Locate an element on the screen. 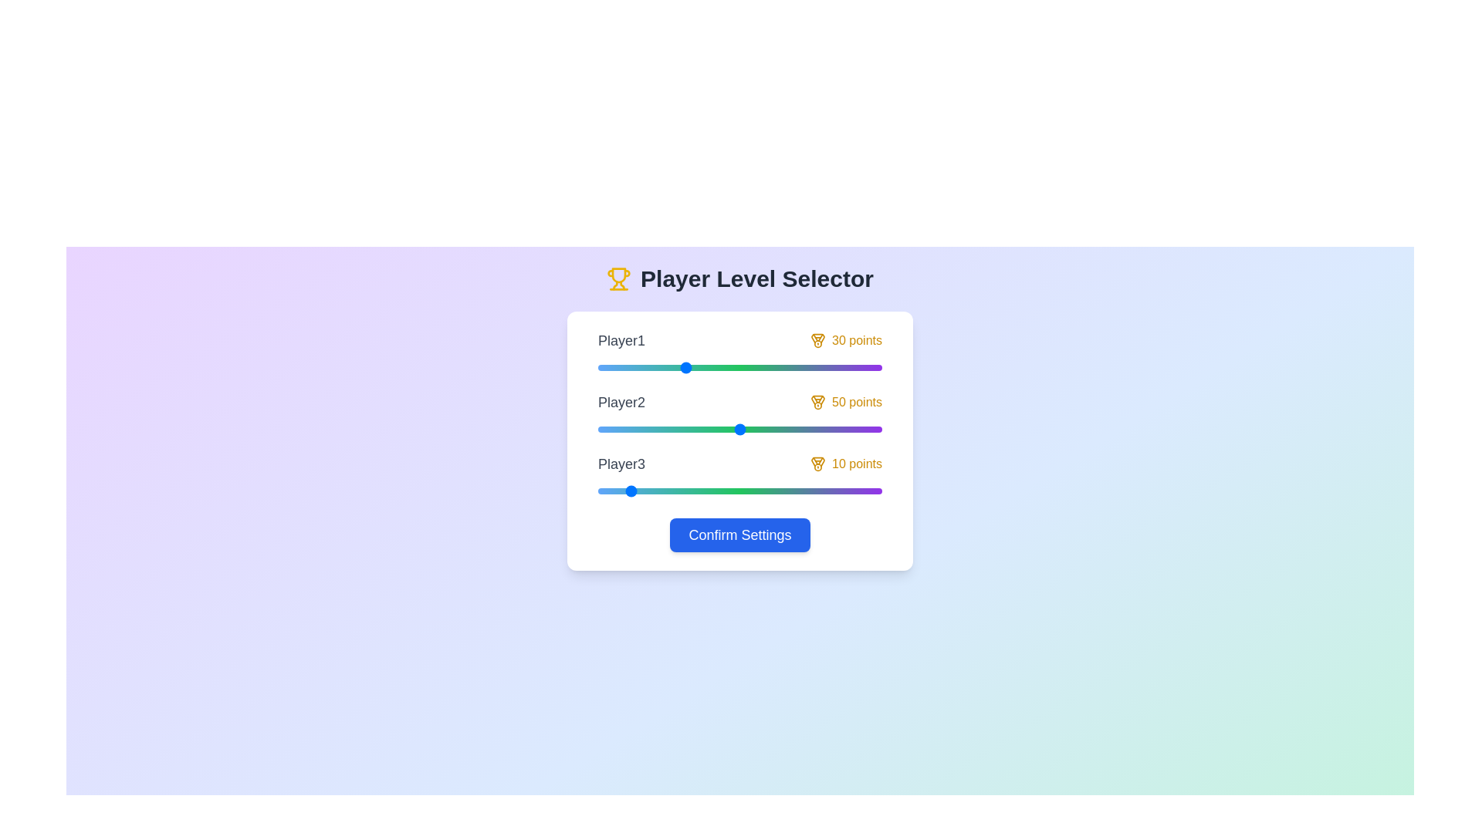  the slider for Player3 to set their level to 29 is located at coordinates (679, 491).